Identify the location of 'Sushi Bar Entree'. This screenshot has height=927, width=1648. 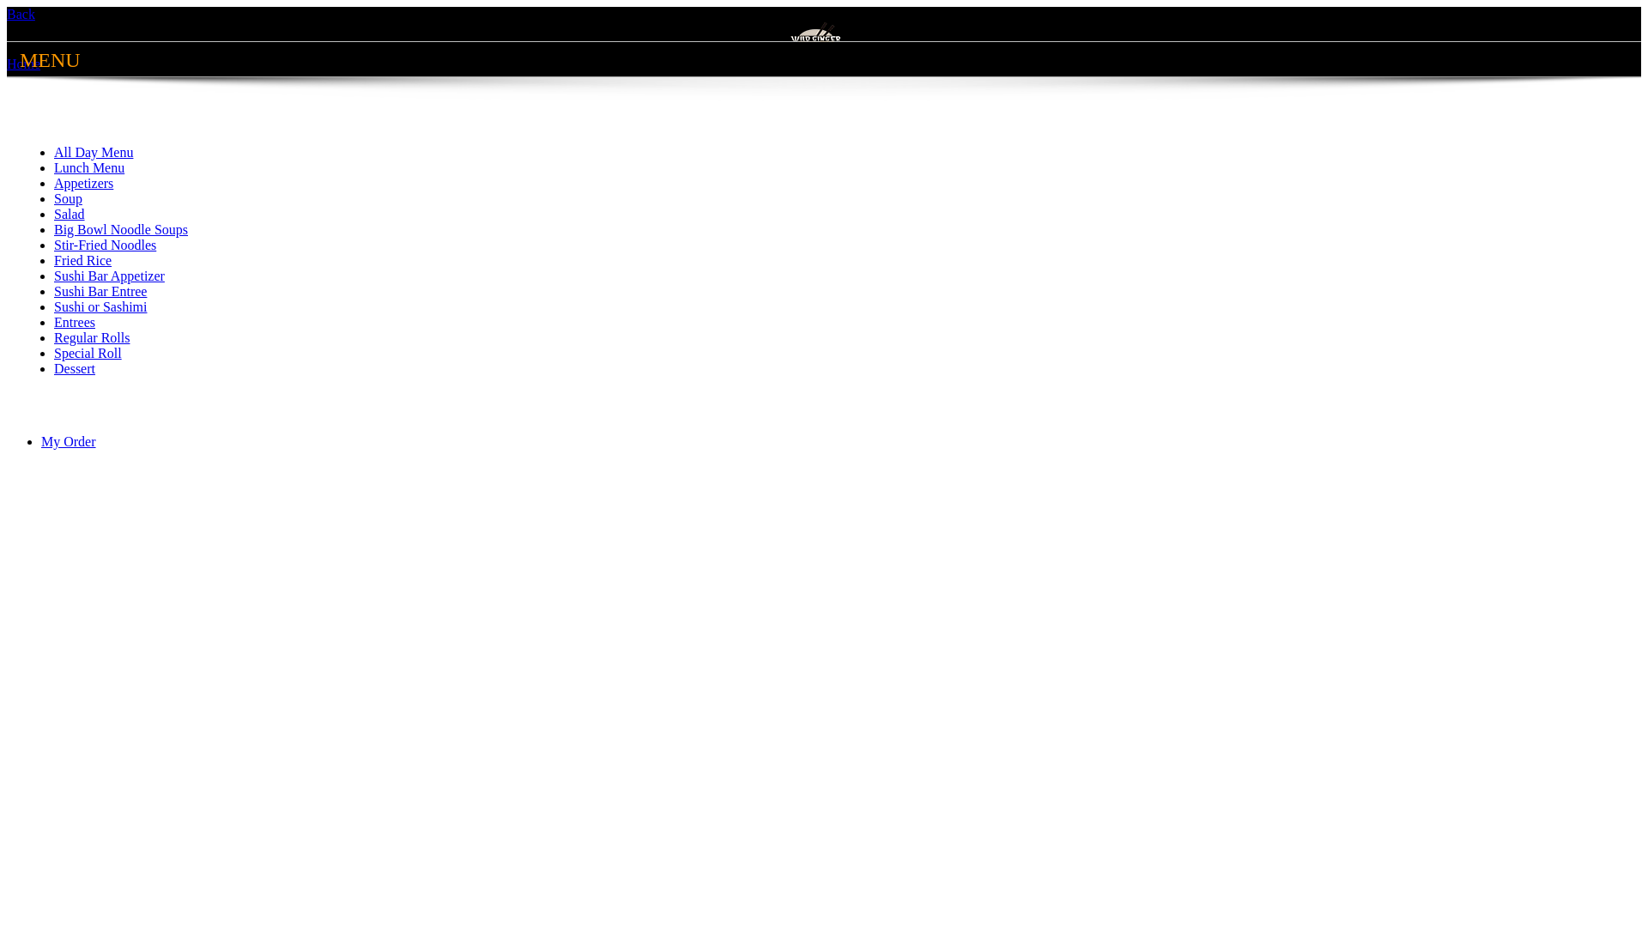
(99, 290).